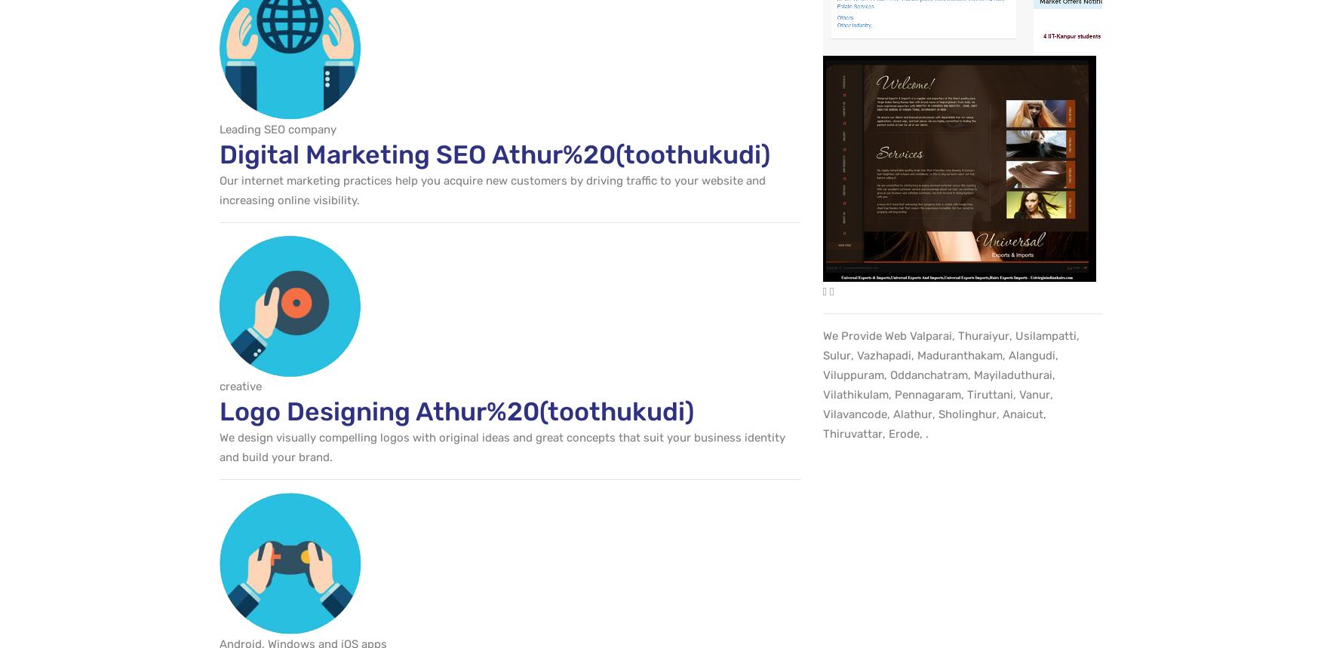 This screenshot has height=648, width=1321. What do you see at coordinates (836, 355) in the screenshot?
I see `'Sulur'` at bounding box center [836, 355].